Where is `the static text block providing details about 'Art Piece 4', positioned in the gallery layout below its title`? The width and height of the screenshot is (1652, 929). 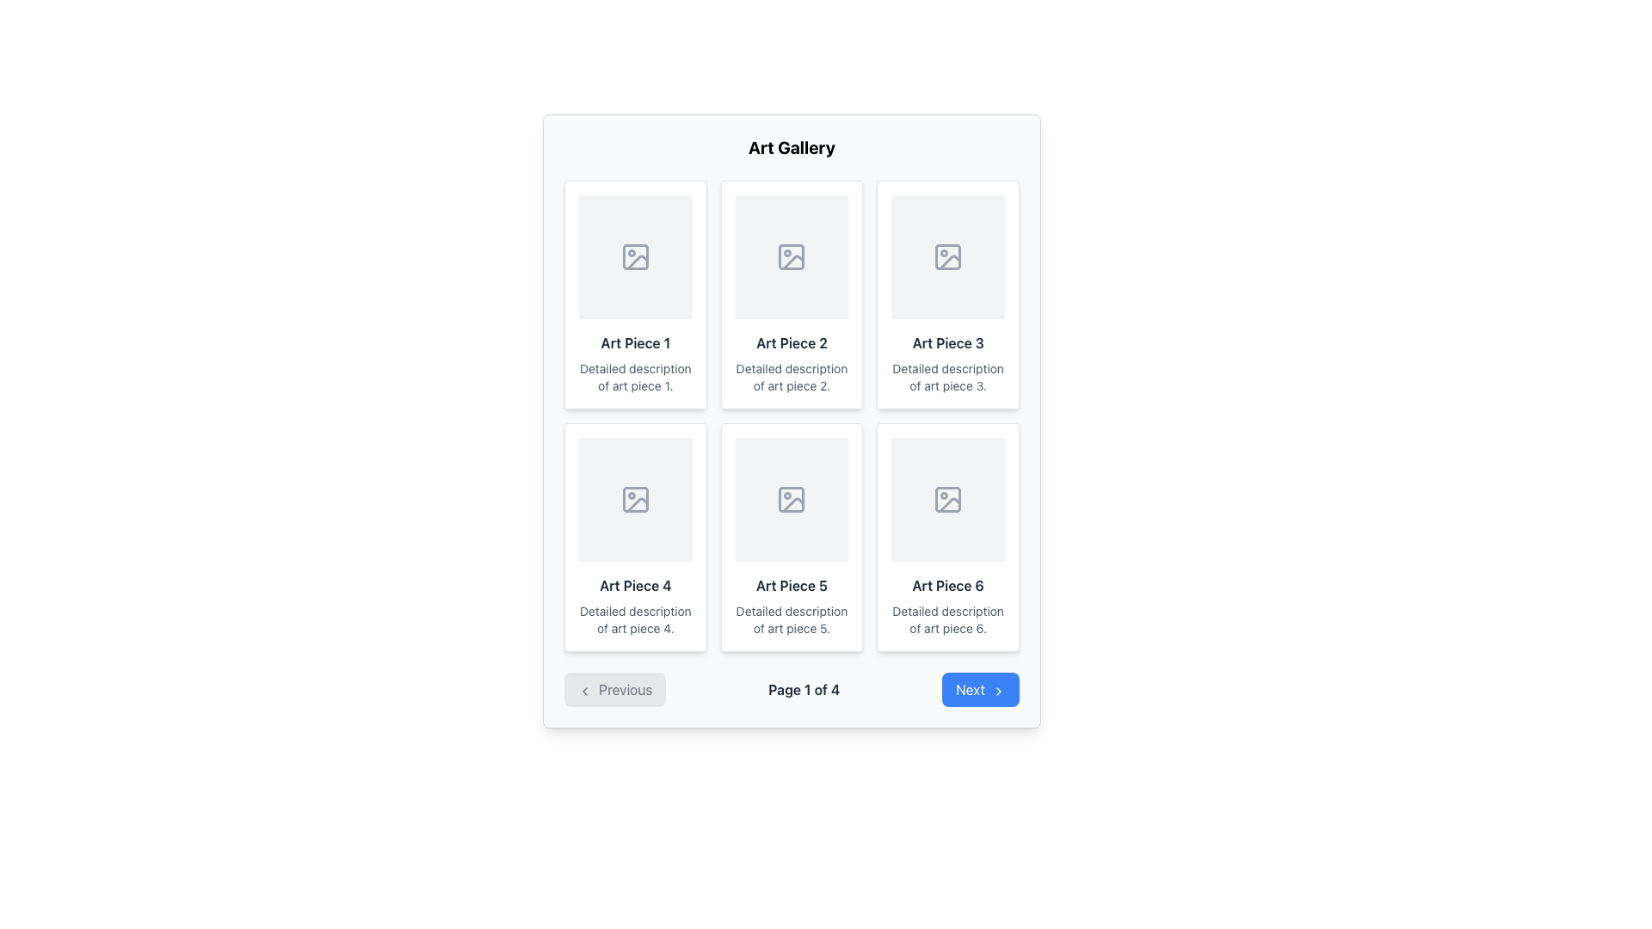
the static text block providing details about 'Art Piece 4', positioned in the gallery layout below its title is located at coordinates (634, 620).